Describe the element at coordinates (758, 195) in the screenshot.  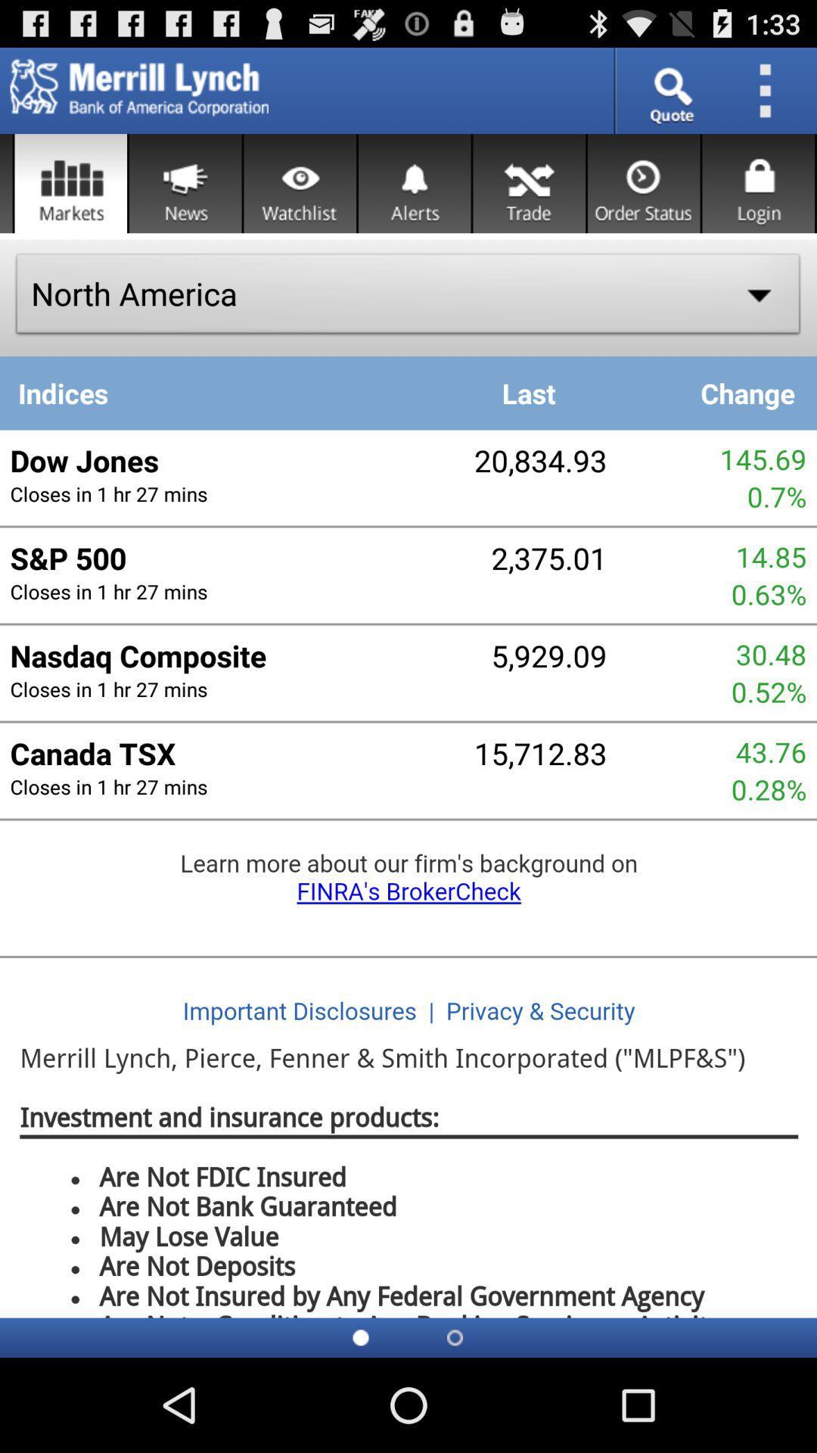
I see `the lock icon` at that location.